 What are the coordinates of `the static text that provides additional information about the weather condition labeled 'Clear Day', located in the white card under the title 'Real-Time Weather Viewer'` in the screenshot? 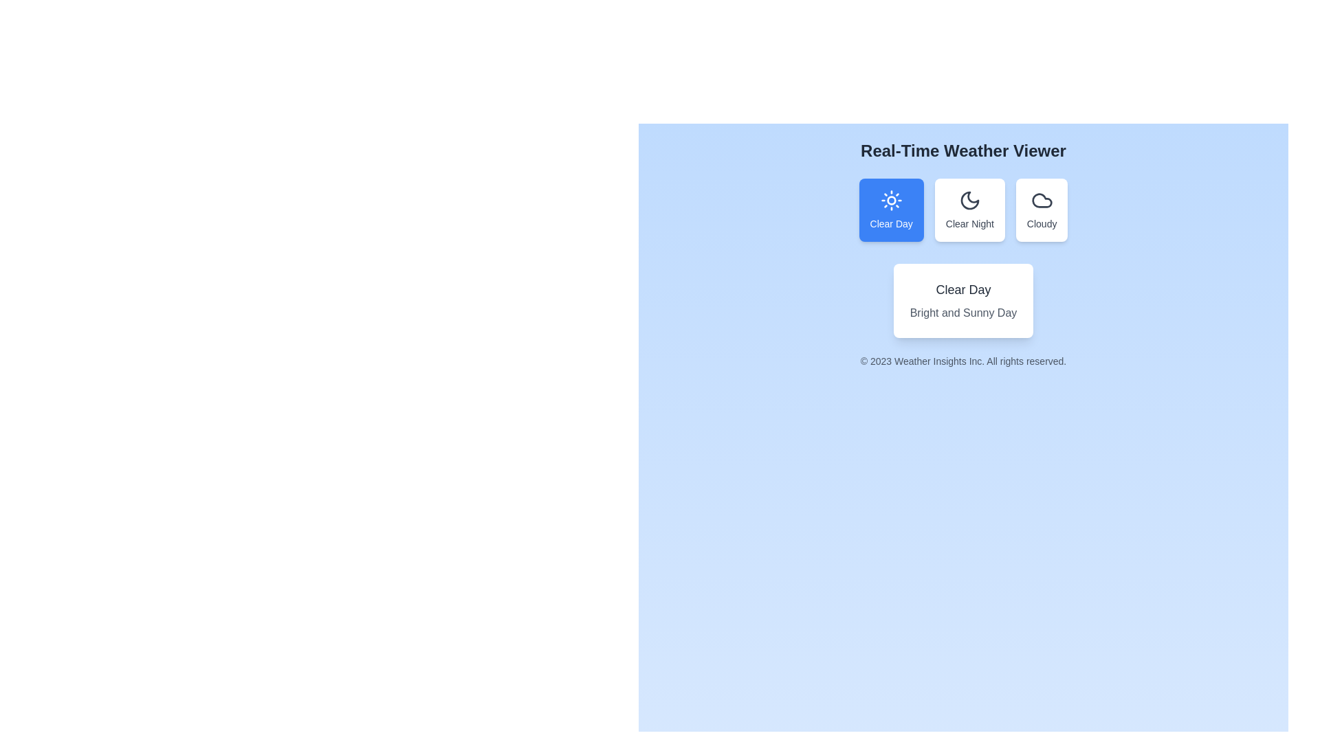 It's located at (962, 313).